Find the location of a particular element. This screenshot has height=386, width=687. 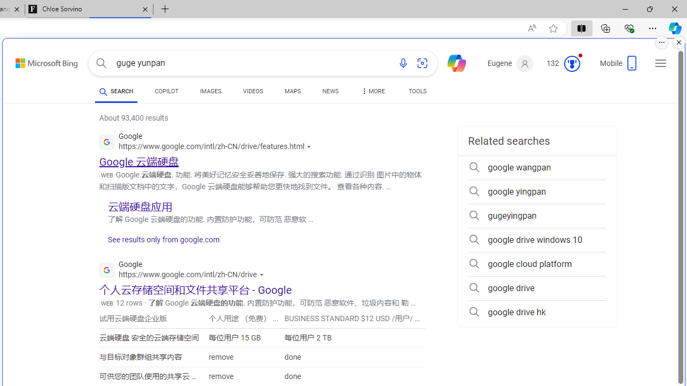

'COPILOT' is located at coordinates (166, 92).